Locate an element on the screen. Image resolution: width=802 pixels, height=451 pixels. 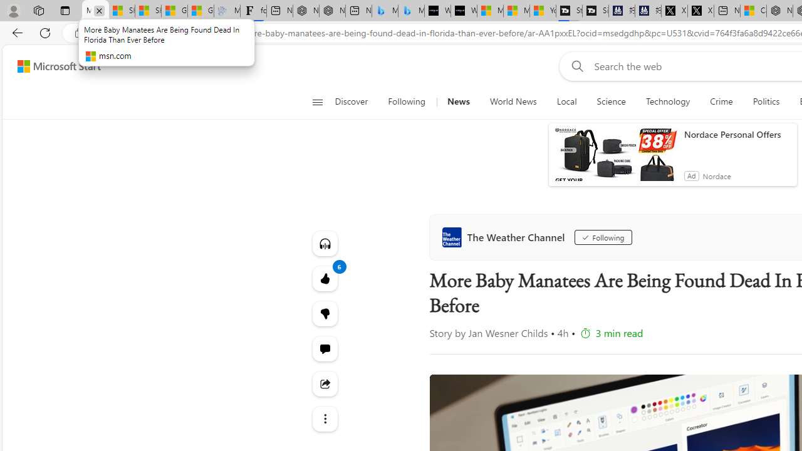
'Dislike' is located at coordinates (325, 313).